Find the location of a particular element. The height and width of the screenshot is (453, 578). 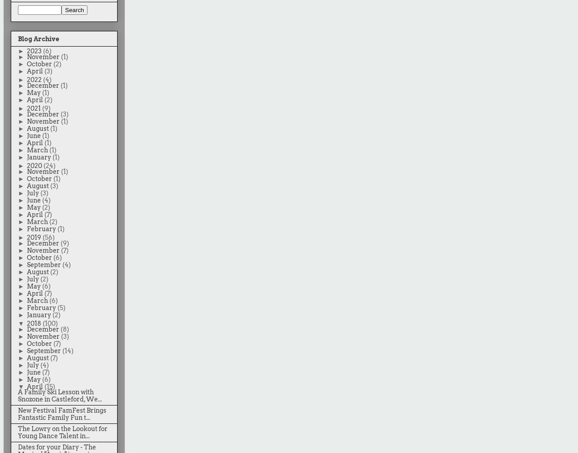

'A Family Ski Lesson with Snozone in Castleford, We...' is located at coordinates (60, 396).